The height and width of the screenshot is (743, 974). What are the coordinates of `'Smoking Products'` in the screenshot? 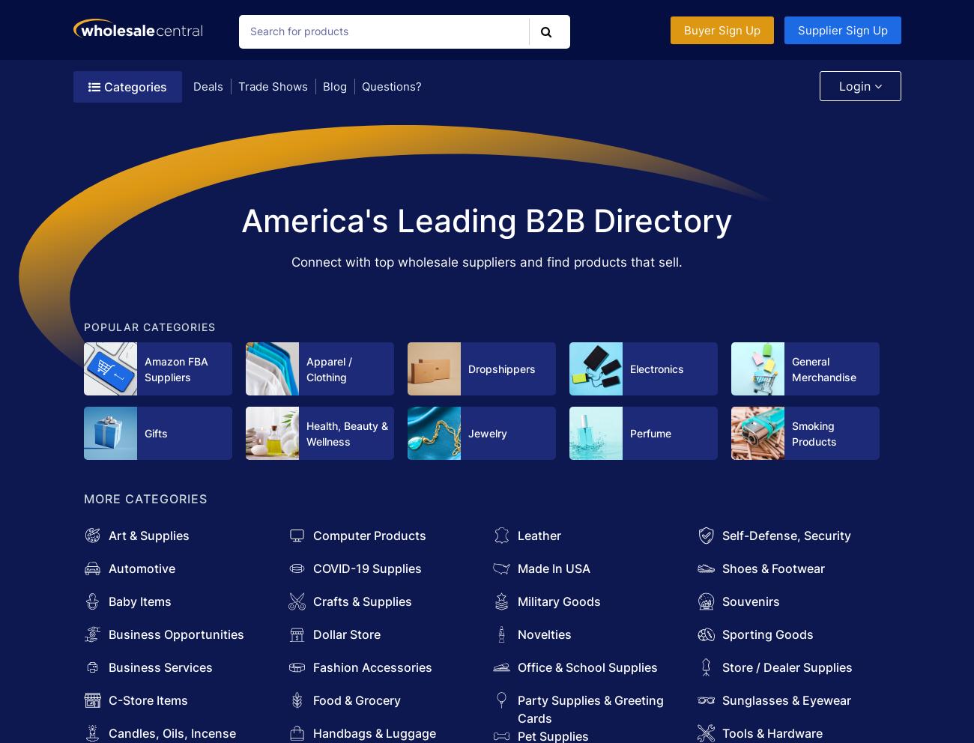 It's located at (814, 433).